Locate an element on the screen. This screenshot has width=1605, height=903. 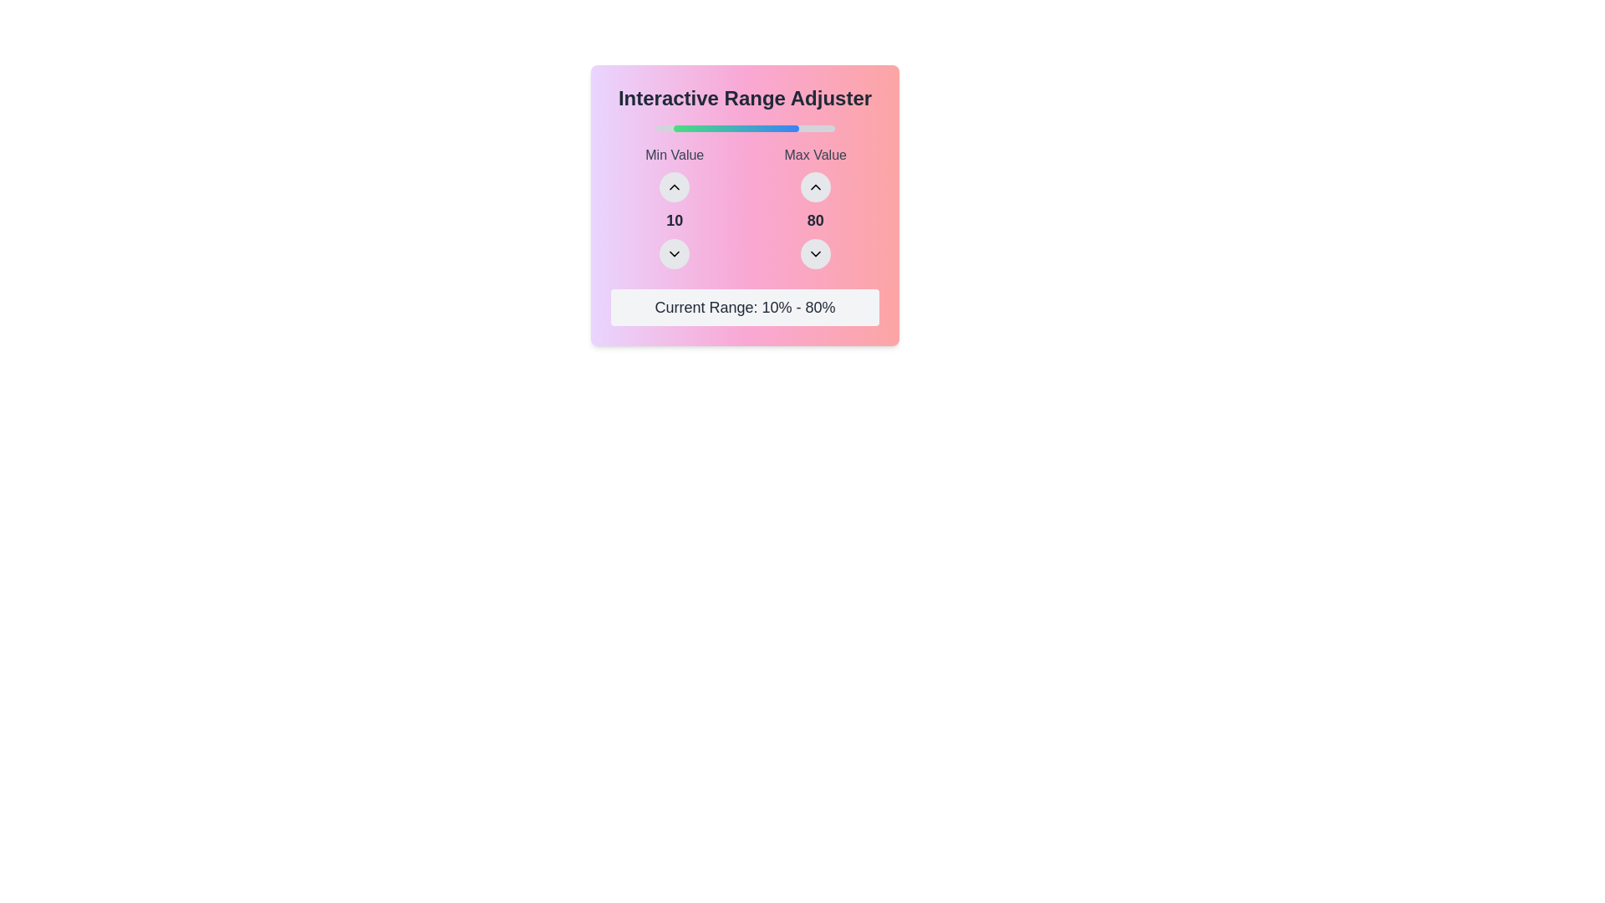
the Text Display element that shows the currently selected range values, located at the bottom of the interactive widget beneath the 'Min Value' and 'Max Value' controls is located at coordinates (744, 307).